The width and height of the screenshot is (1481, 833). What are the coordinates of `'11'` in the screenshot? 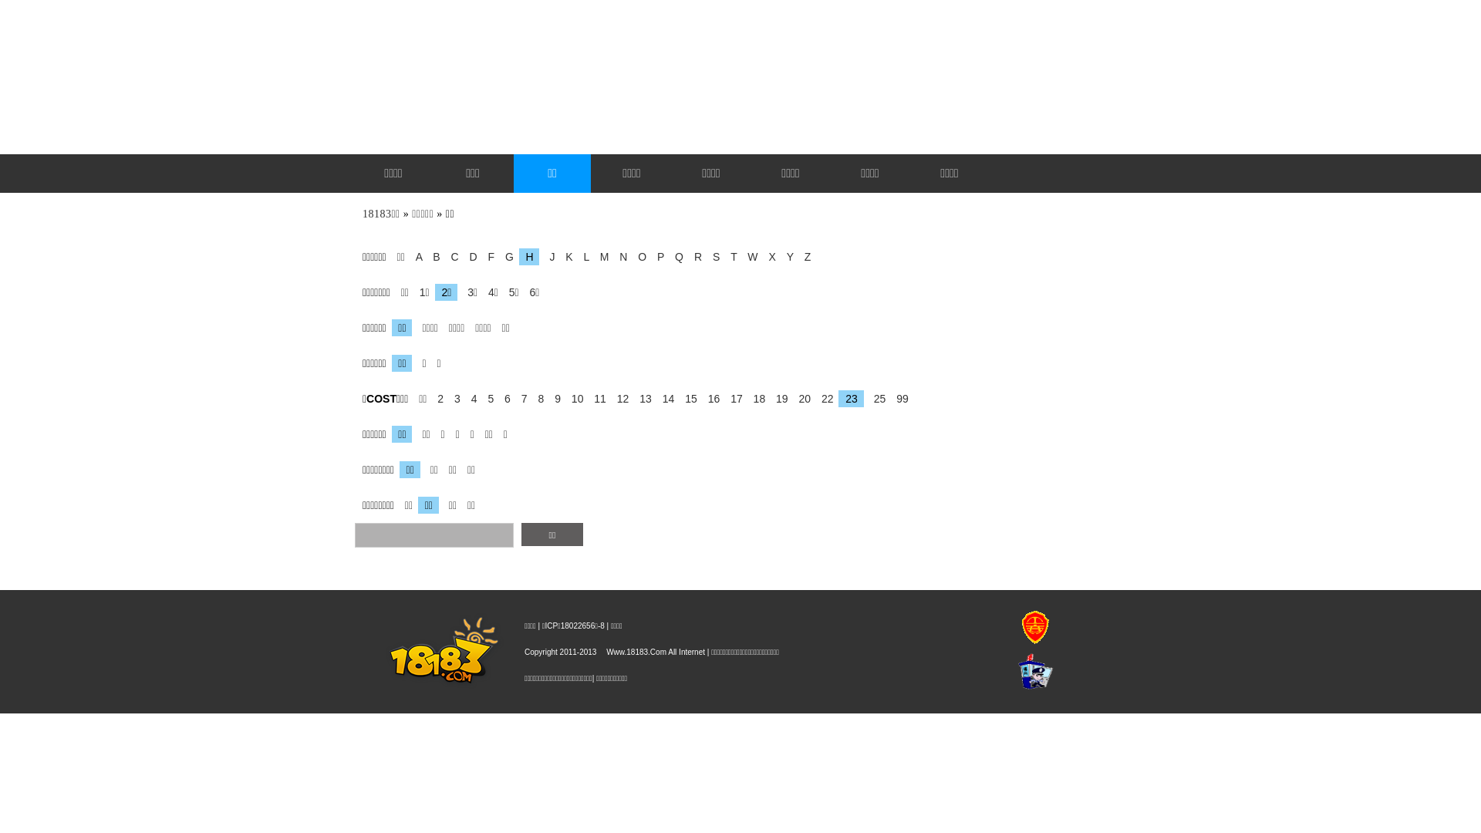 It's located at (595, 397).